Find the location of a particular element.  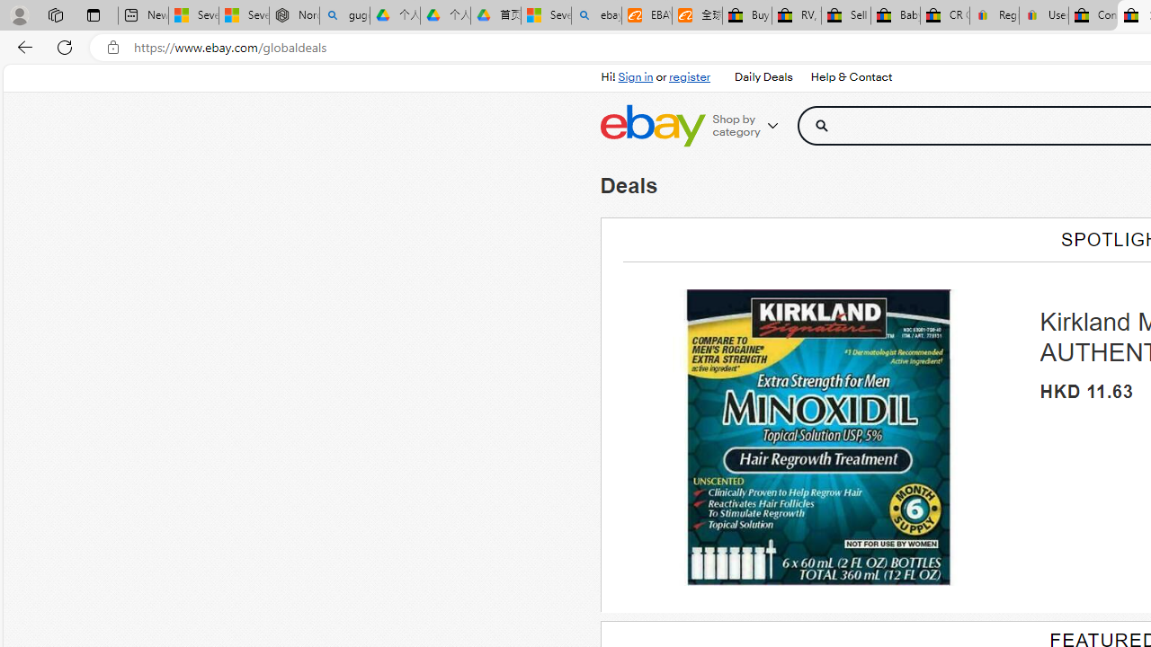

'guge yunpan - Search' is located at coordinates (344, 15).